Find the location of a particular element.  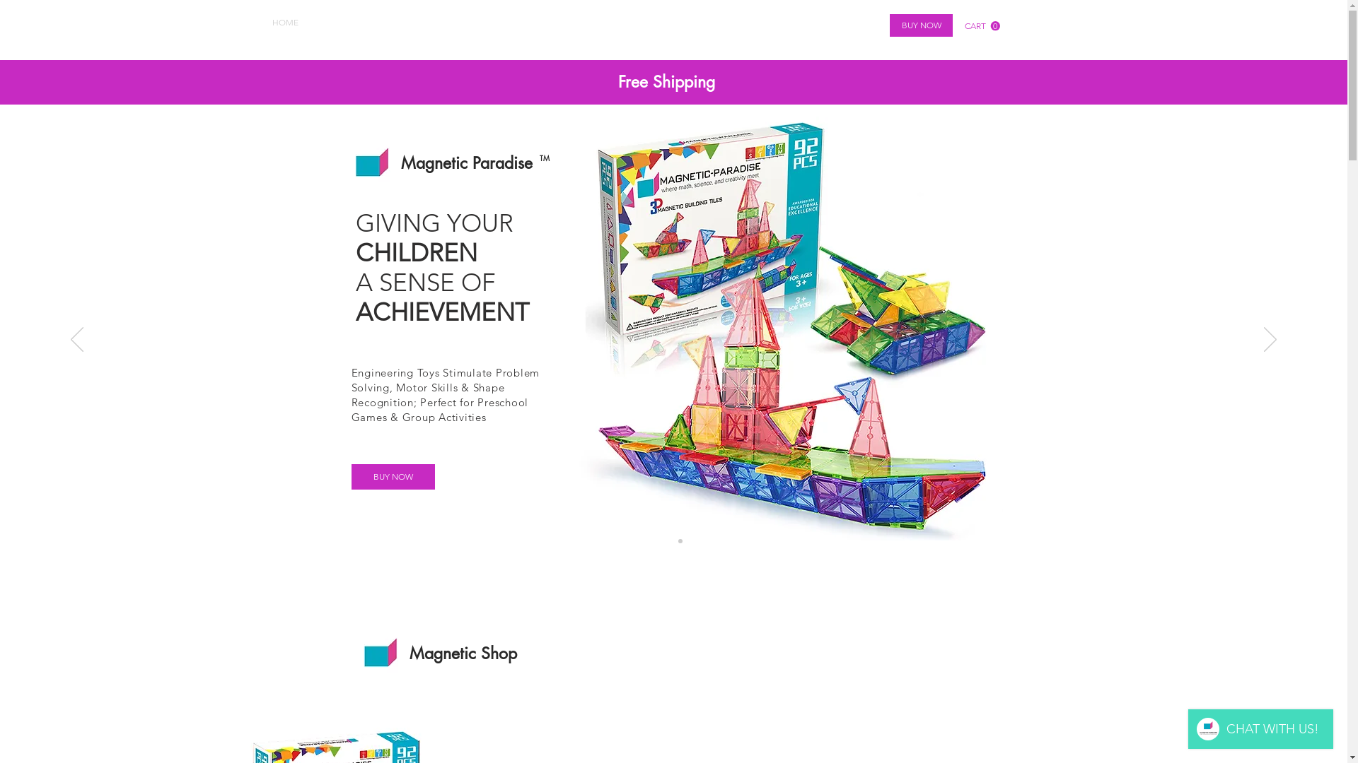

'BUY NOW' is located at coordinates (888, 25).